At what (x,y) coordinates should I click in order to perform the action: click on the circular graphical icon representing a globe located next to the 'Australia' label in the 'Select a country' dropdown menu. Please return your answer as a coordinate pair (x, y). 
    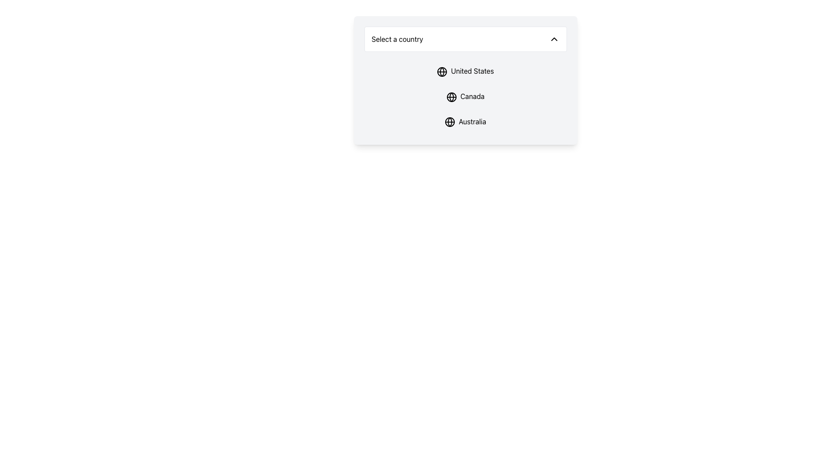
    Looking at the image, I should click on (450, 122).